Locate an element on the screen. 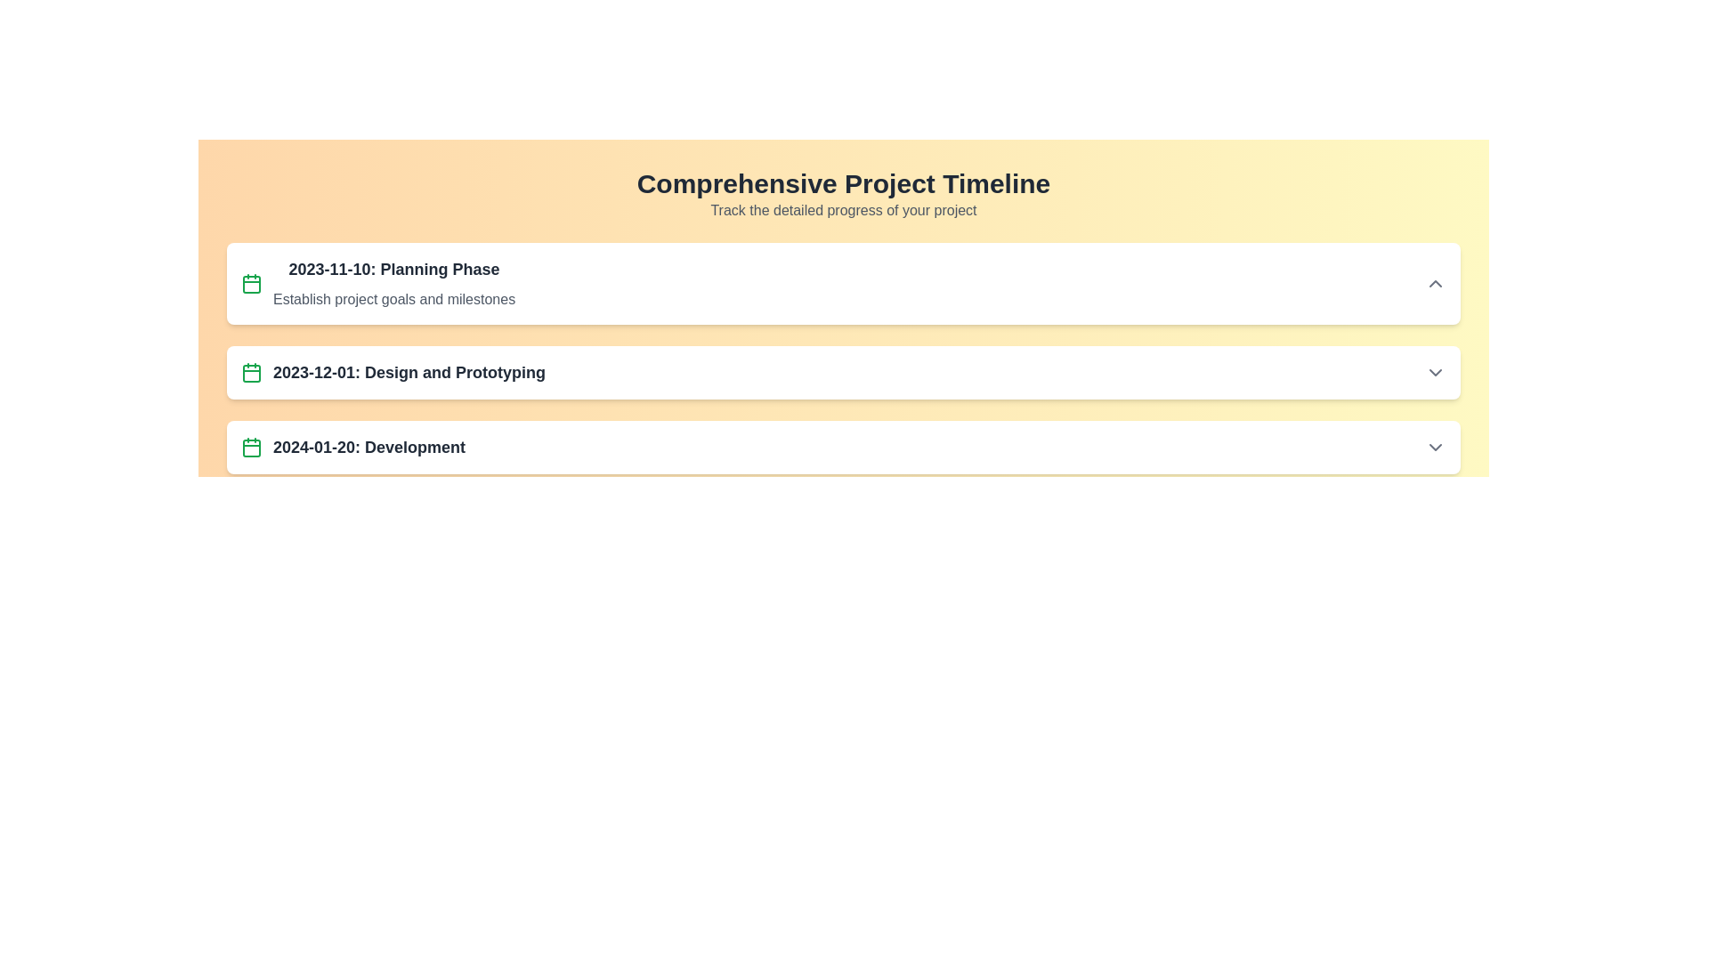 The height and width of the screenshot is (961, 1709). the green SVG rectangle that is part of the calendar icon, located to the left of the text '2023-11-10: Planning Phase' is located at coordinates (251, 284).